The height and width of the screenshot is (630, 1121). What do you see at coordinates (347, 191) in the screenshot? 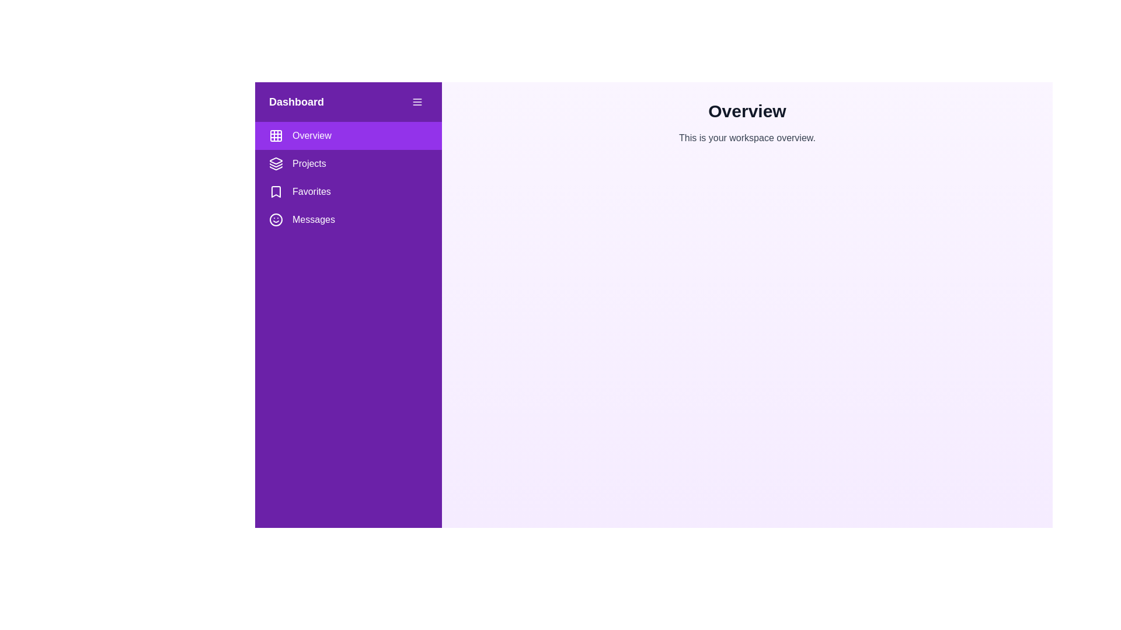
I see `the menu item Favorites from the drawer` at bounding box center [347, 191].